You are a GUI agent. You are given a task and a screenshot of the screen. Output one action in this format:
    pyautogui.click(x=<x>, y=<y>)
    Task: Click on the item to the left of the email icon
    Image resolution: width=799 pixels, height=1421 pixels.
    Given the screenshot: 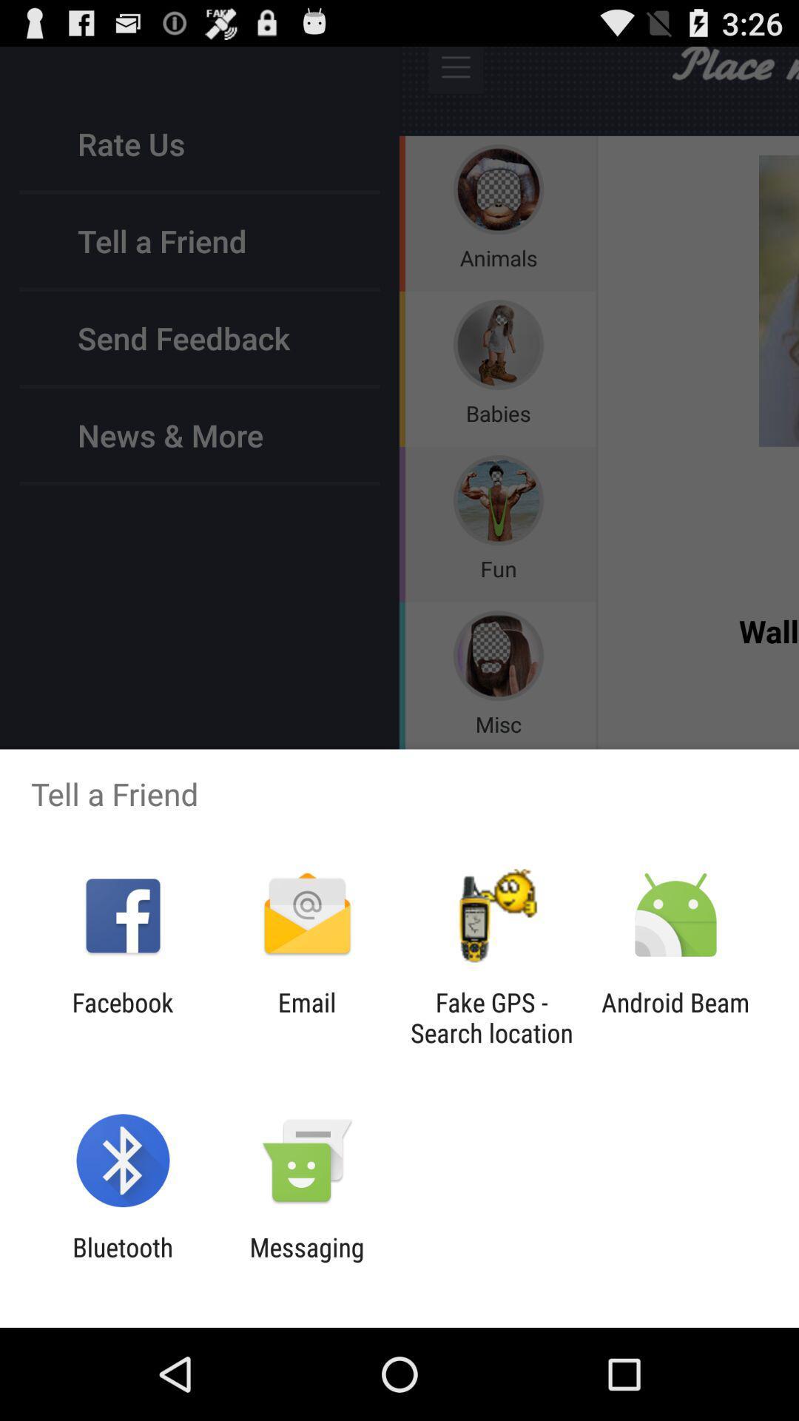 What is the action you would take?
    pyautogui.click(x=122, y=1017)
    